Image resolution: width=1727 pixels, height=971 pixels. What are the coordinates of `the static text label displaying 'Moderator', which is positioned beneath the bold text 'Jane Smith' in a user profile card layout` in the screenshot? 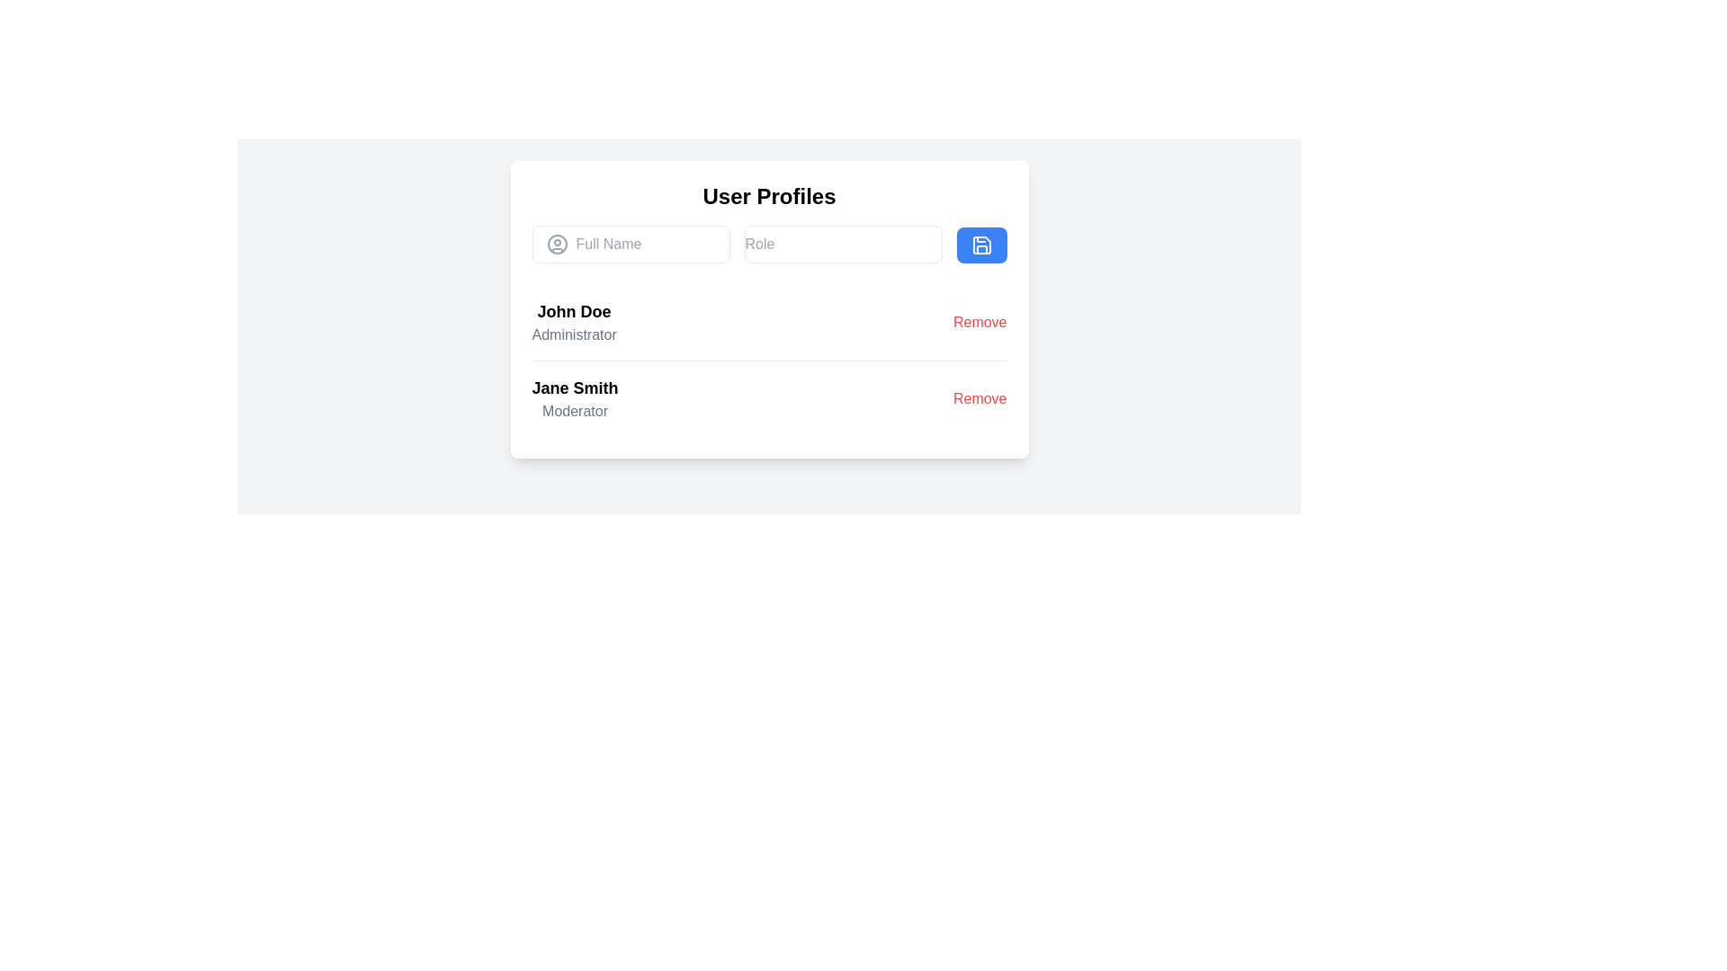 It's located at (574, 412).